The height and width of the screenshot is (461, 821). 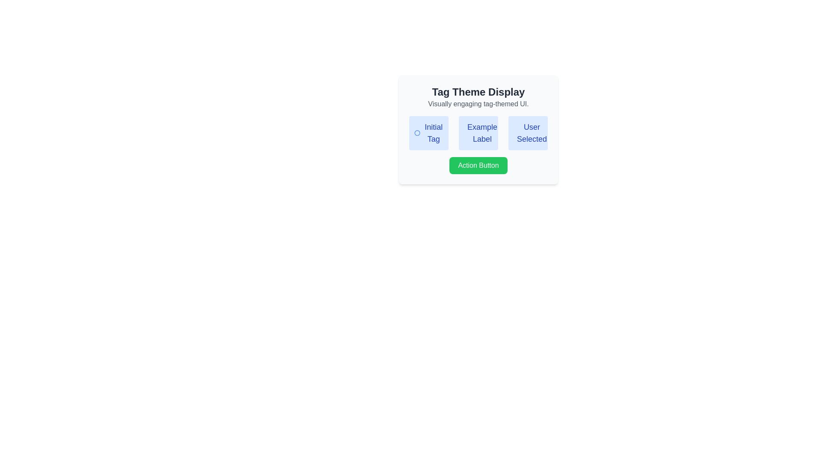 I want to click on the blue outlined SVG Circle located inside the 'Initial Tag' label in the top row of labels, so click(x=417, y=133).